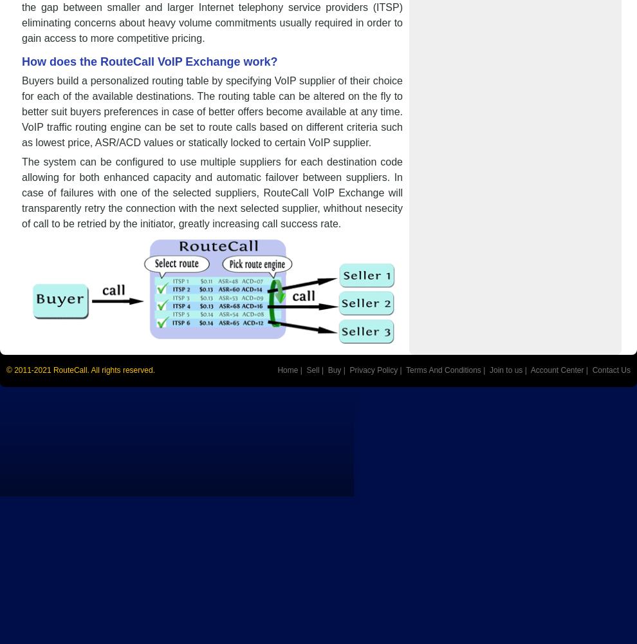 The image size is (637, 644). I want to click on 'Account Center', so click(557, 370).